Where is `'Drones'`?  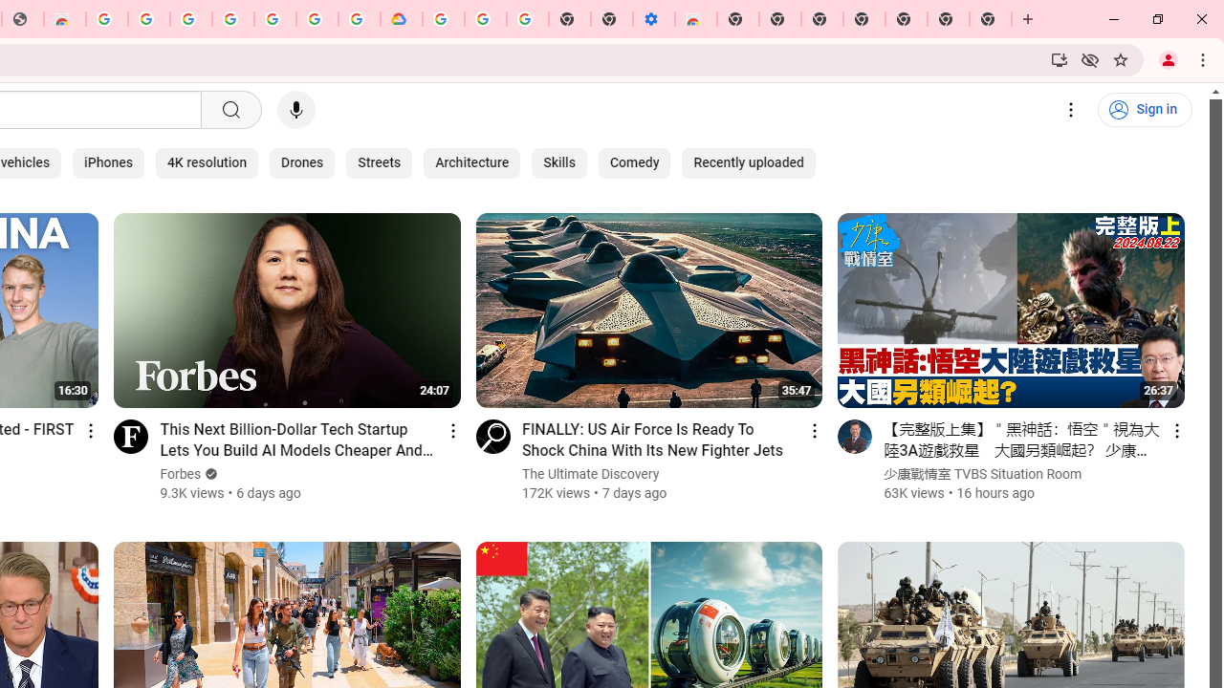
'Drones' is located at coordinates (301, 162).